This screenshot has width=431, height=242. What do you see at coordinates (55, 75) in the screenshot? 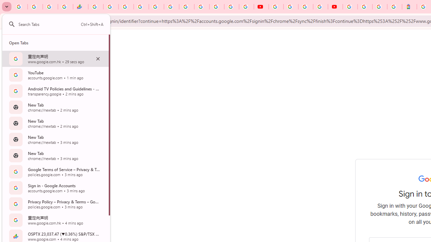
I see `'YouTube accounts.google.com 1 min ago Open Tab'` at bounding box center [55, 75].